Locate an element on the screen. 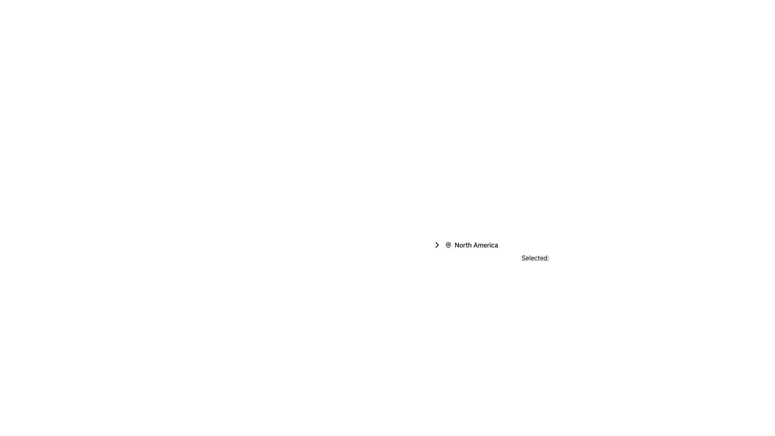  the chevron arrow button, which serves as an indicator for navigation or movement, located at the center of its bounding box on the right side of the UI component is located at coordinates (436, 244).